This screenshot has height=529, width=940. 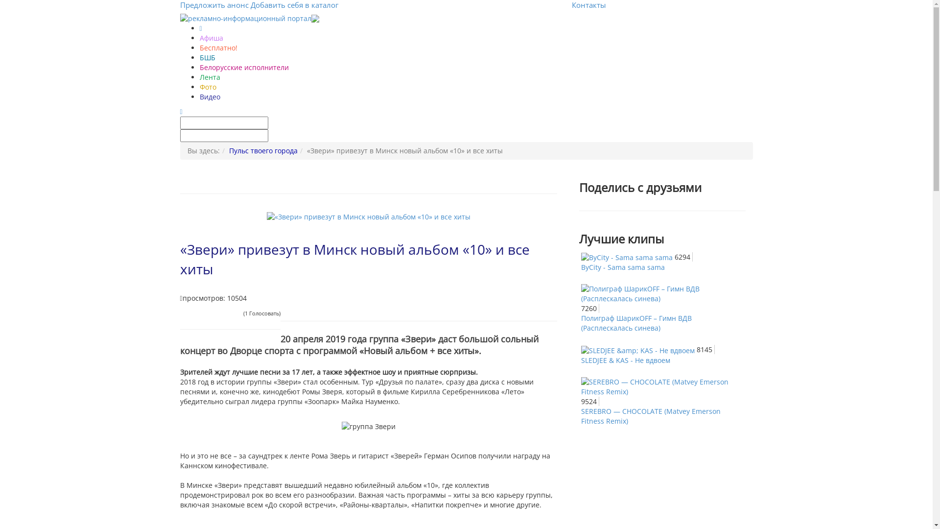 What do you see at coordinates (198, 313) in the screenshot?
I see `'3'` at bounding box center [198, 313].